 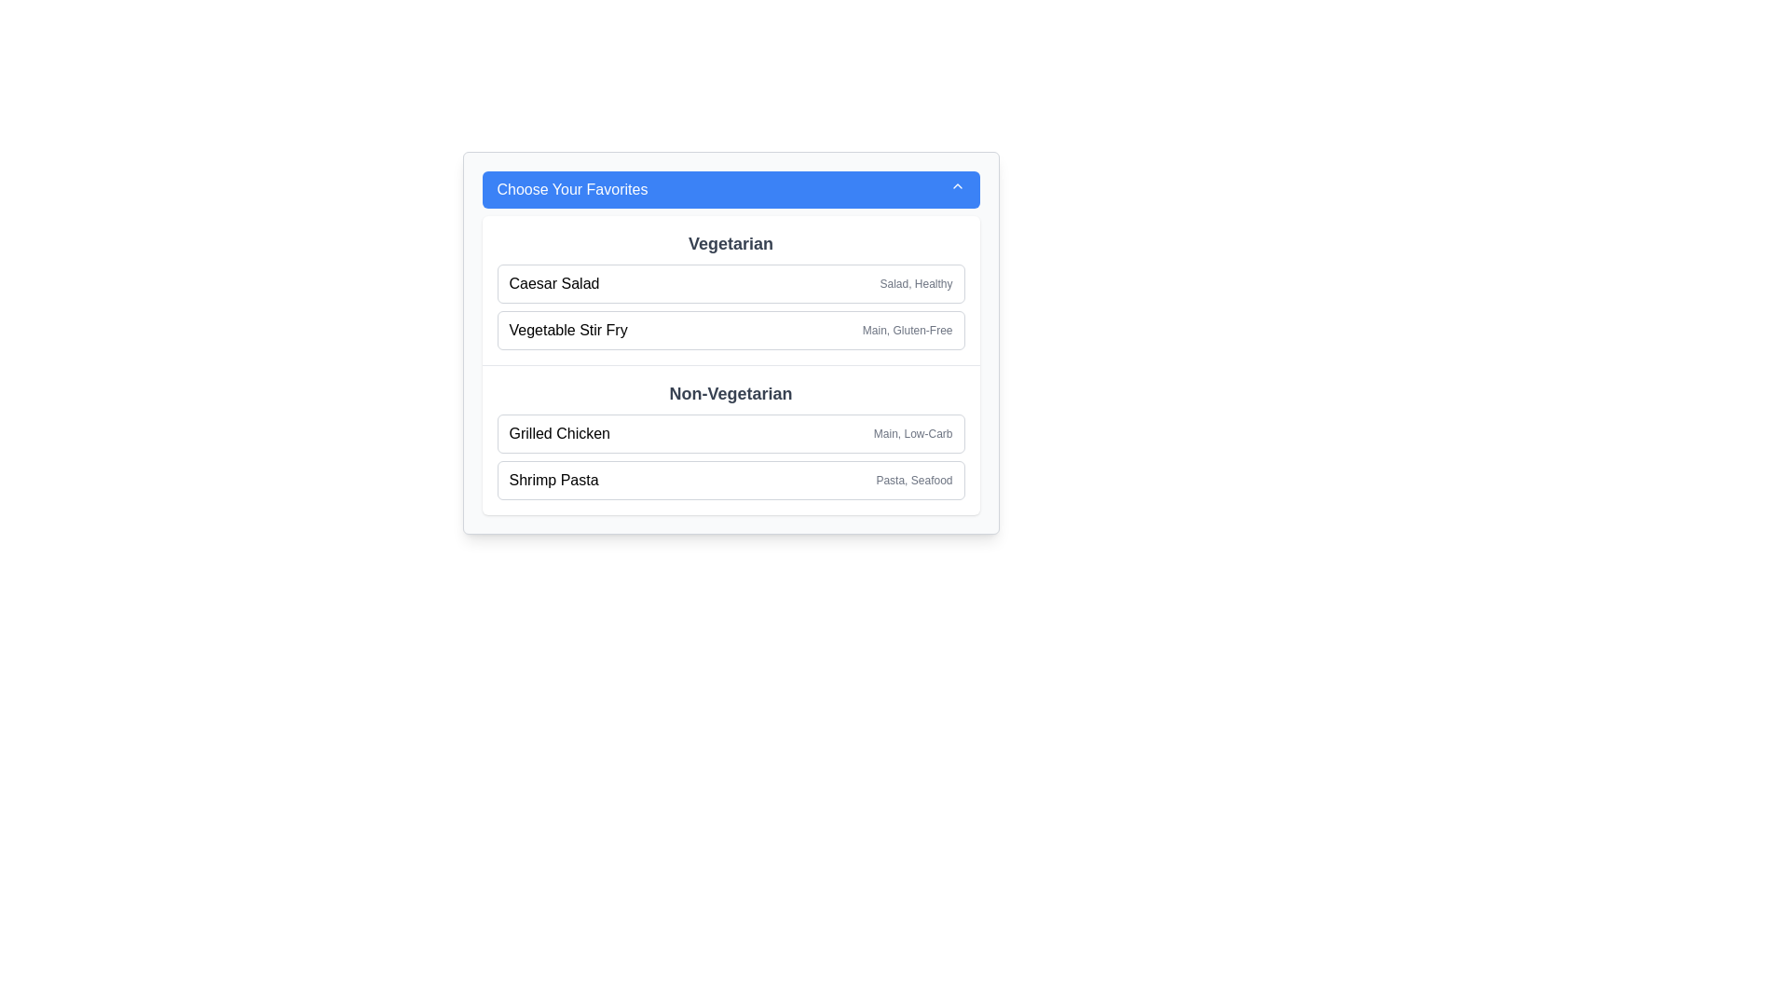 What do you see at coordinates (567, 329) in the screenshot?
I see `the selectable menu choice labeled 'Vegetable Stir Fry', which is the first text component in the 'Vegetarian' section located at the top center of the layout` at bounding box center [567, 329].